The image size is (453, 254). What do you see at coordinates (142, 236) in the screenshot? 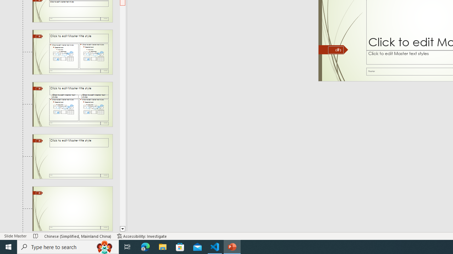
I see `'Accessibility Checker Accessibility: Investigate'` at bounding box center [142, 236].